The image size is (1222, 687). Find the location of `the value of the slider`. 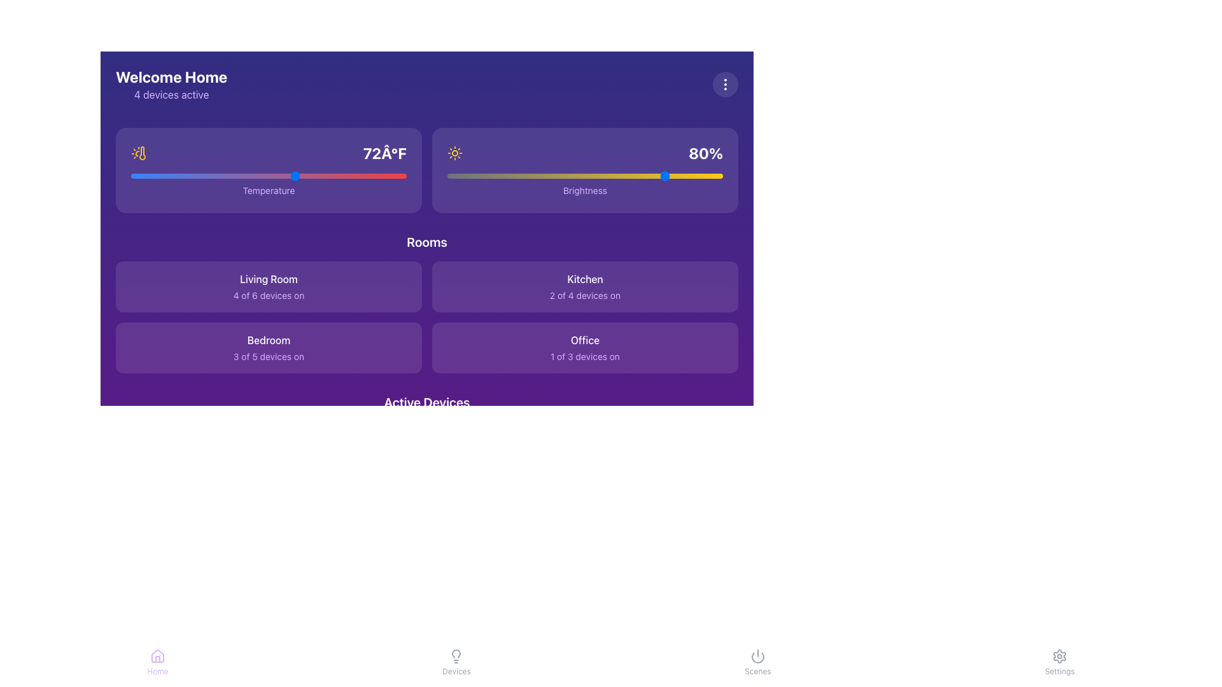

the value of the slider is located at coordinates (144, 176).